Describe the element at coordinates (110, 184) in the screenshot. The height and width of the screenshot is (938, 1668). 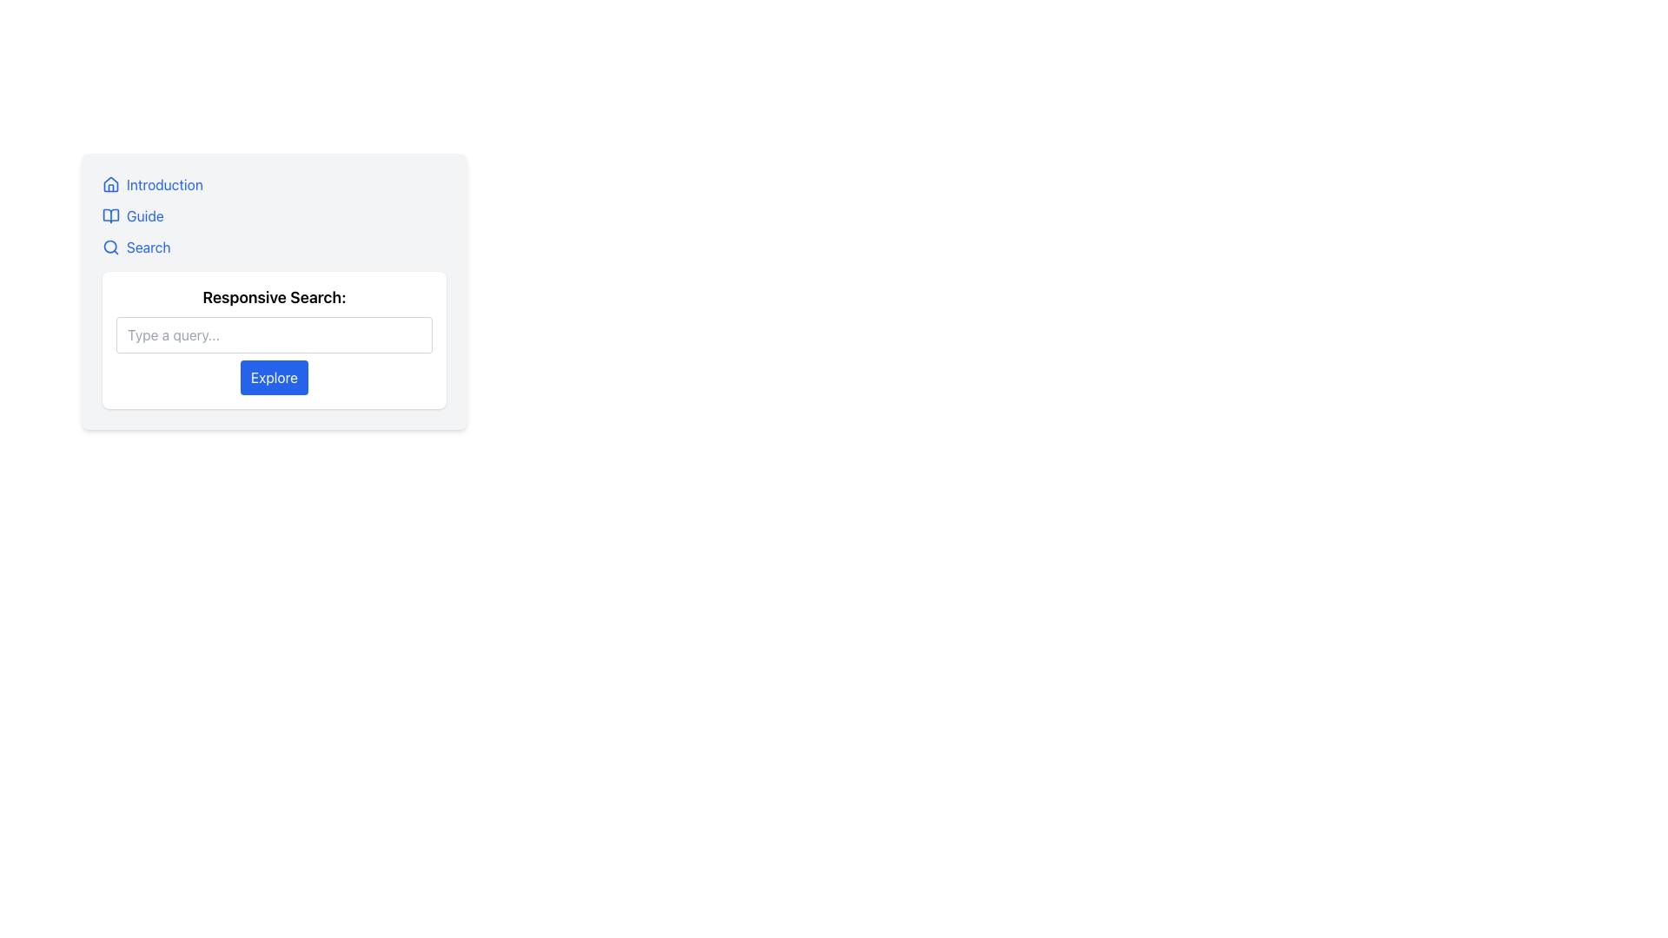
I see `the house icon located on the left side above the navigation links labeled 'Introduction', 'Guide', and 'Search'` at that location.